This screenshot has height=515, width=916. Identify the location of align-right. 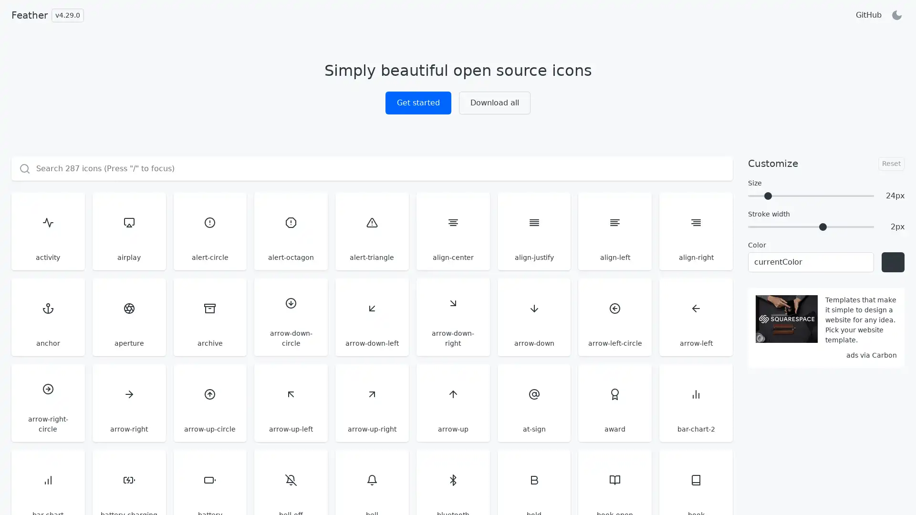
(696, 231).